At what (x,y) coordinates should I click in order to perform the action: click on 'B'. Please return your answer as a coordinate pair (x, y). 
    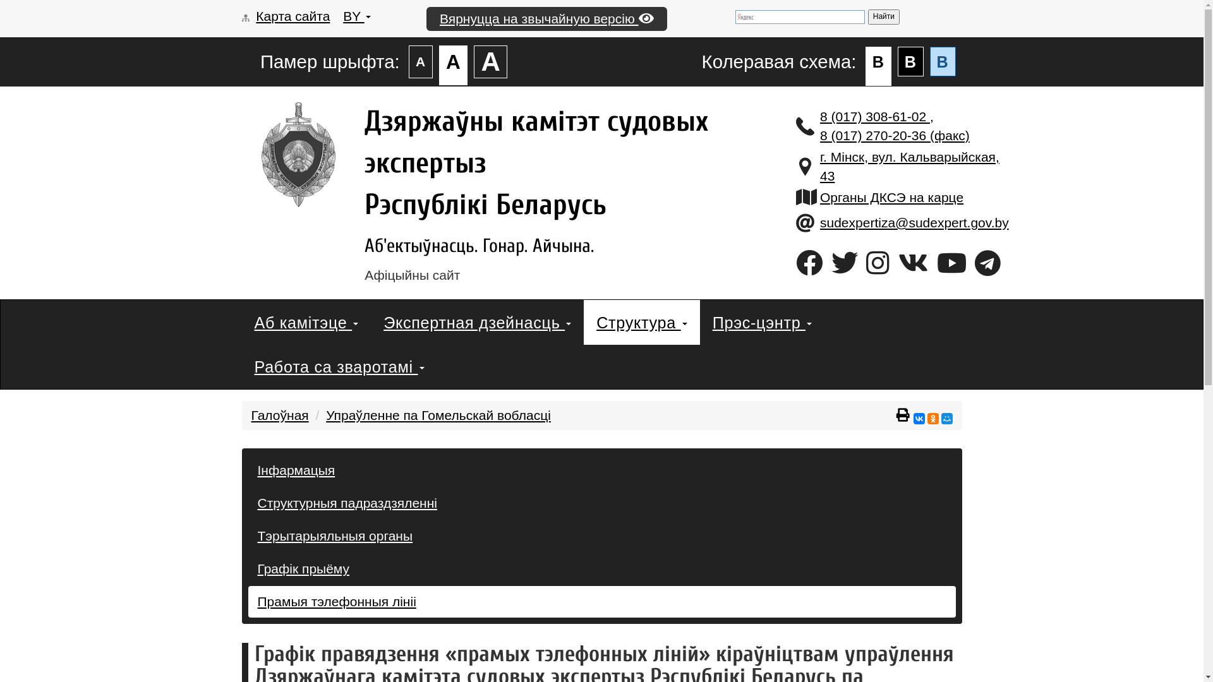
    Looking at the image, I should click on (910, 61).